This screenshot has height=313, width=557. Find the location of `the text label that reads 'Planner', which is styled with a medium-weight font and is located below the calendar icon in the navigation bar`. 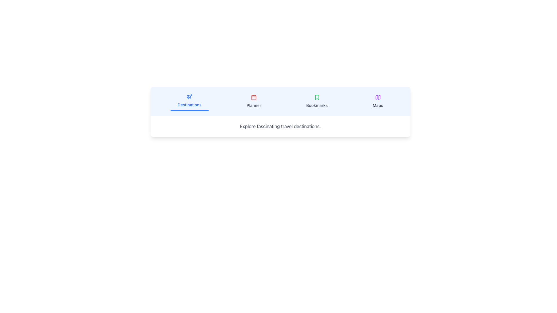

the text label that reads 'Planner', which is styled with a medium-weight font and is located below the calendar icon in the navigation bar is located at coordinates (254, 105).